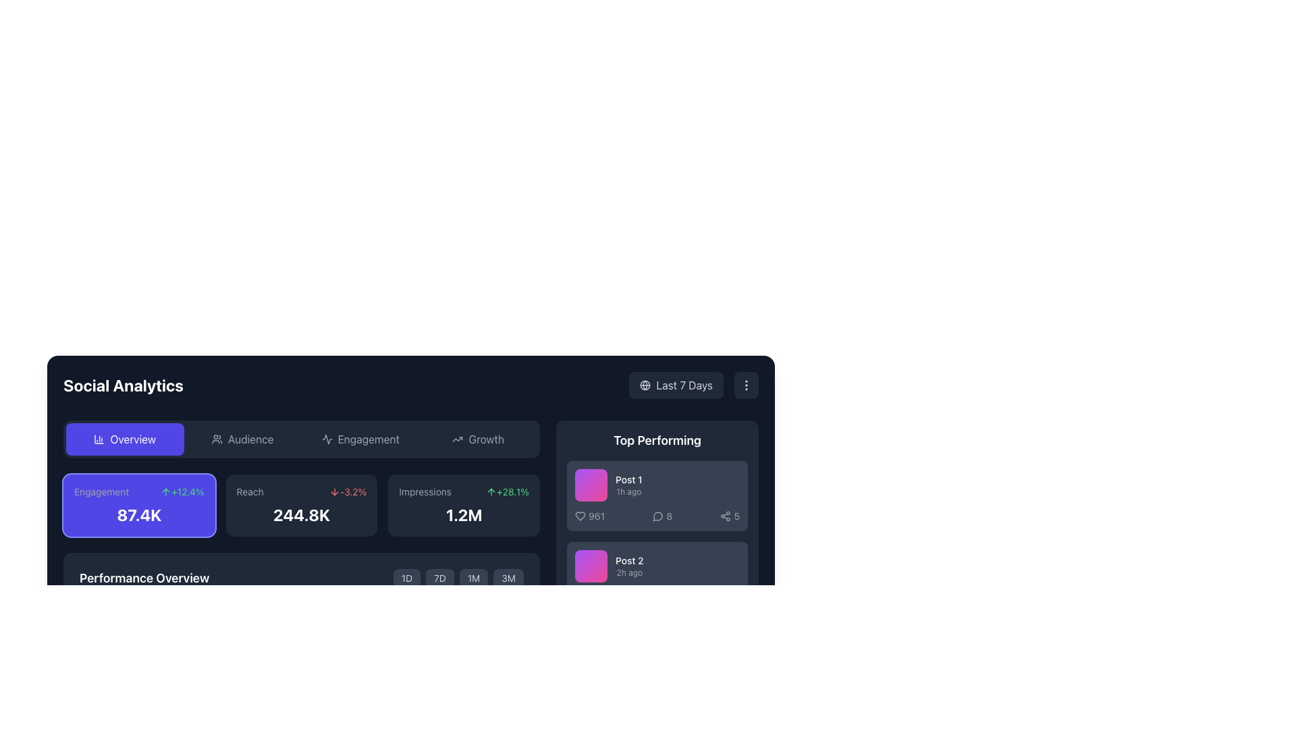  Describe the element at coordinates (439, 577) in the screenshot. I see `the second button in the row of four buttons that filters the displayed data to reflect statistics for the last 7 days, located under the 'Performance Overview' section` at that location.